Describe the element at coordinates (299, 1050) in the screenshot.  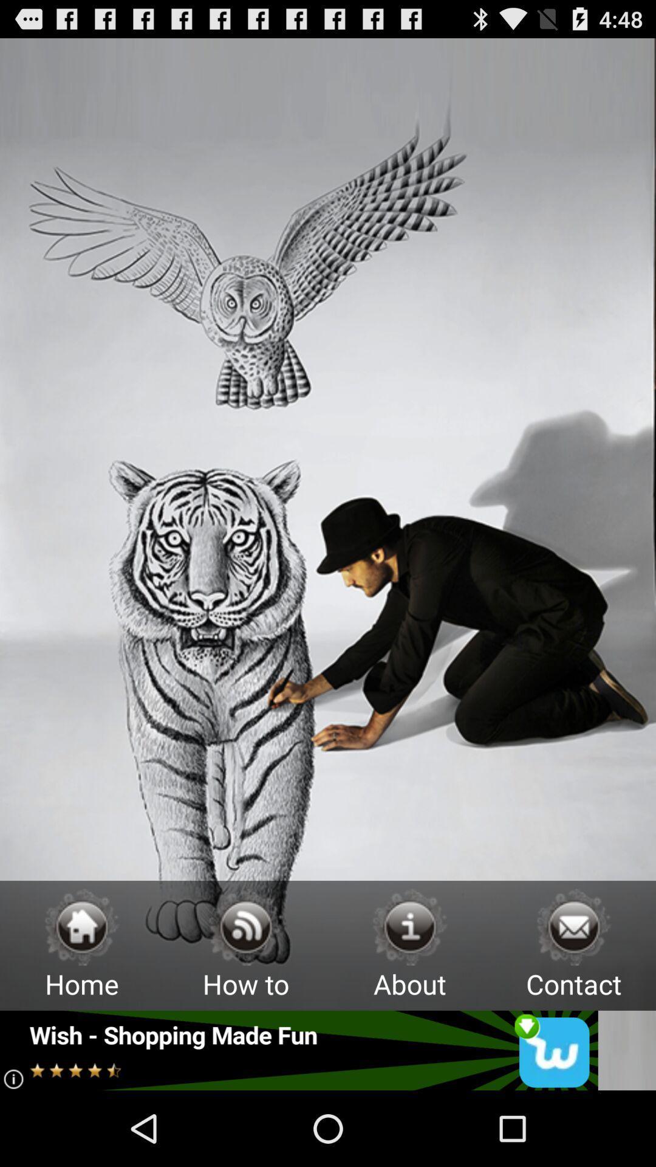
I see `open advertisement` at that location.